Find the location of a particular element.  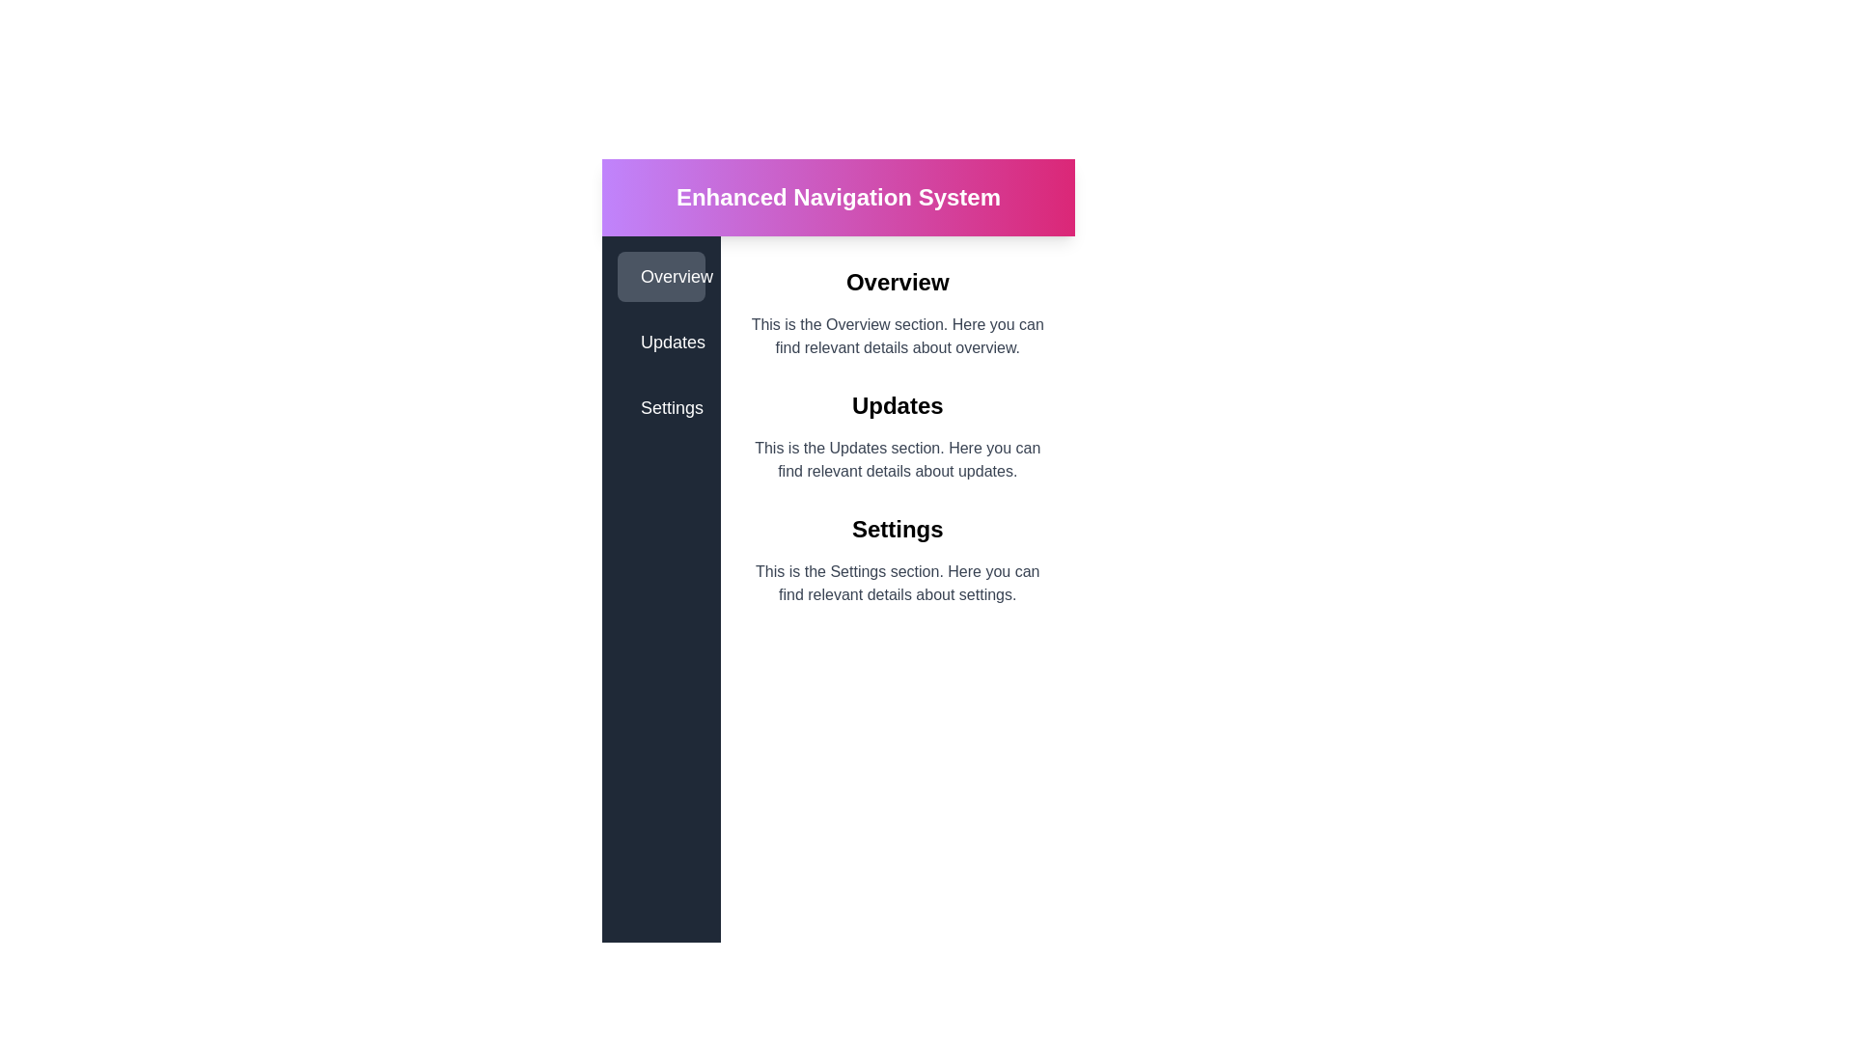

the decorative icon next to the 'Overview' label in the top section of the left navigation bar is located at coordinates (640, 276).